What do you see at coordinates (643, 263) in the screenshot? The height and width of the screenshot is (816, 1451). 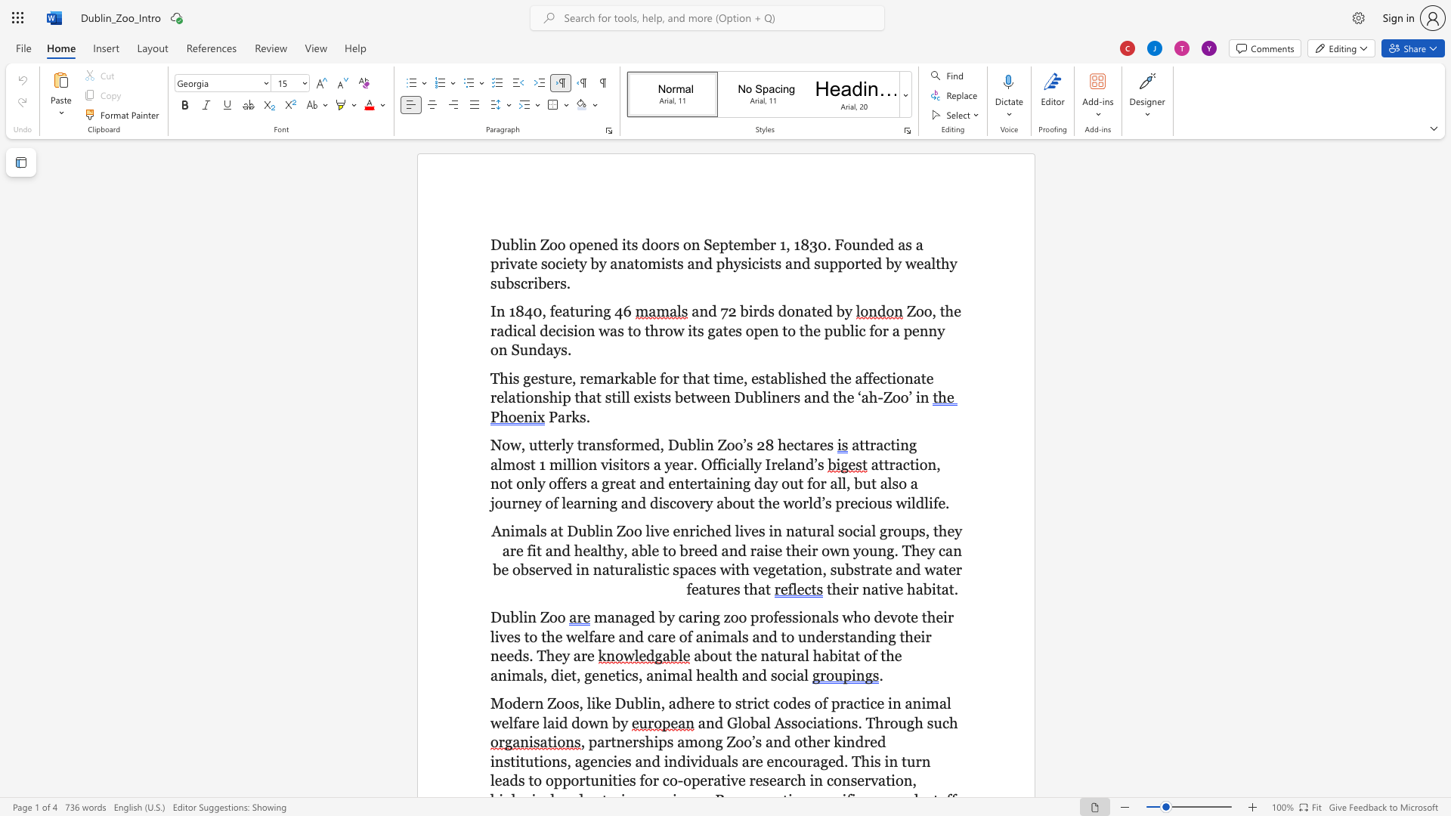 I see `the 9th character "o" in the text` at bounding box center [643, 263].